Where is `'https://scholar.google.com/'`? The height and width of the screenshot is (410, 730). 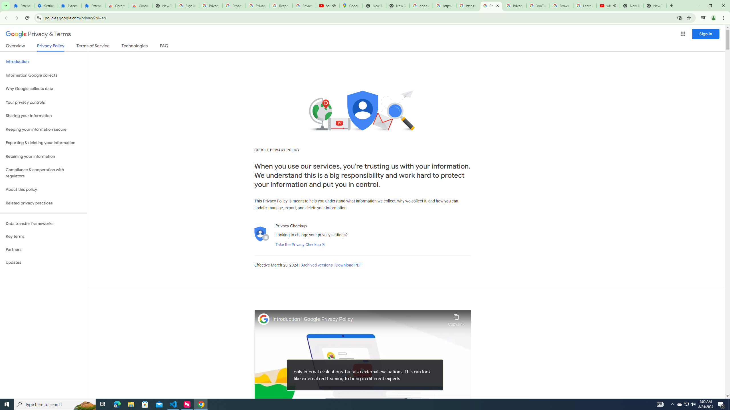 'https://scholar.google.com/' is located at coordinates (467, 5).